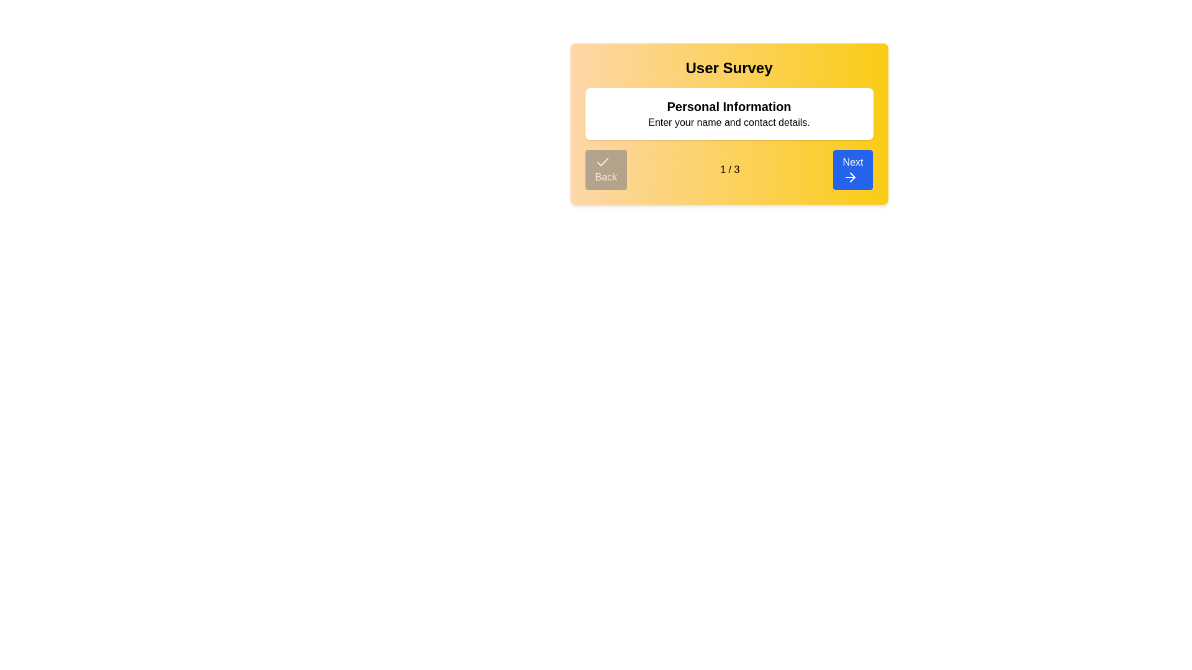  Describe the element at coordinates (852, 169) in the screenshot. I see `the 'Next' button to navigate to the next step` at that location.